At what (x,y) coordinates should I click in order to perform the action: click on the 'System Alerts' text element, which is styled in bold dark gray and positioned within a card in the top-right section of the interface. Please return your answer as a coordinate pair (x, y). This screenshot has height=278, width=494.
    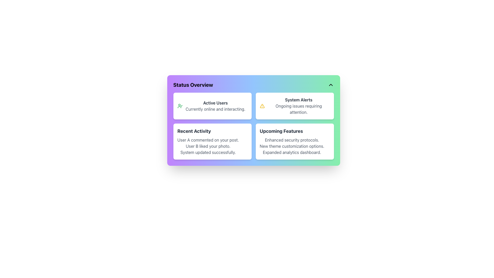
    Looking at the image, I should click on (299, 100).